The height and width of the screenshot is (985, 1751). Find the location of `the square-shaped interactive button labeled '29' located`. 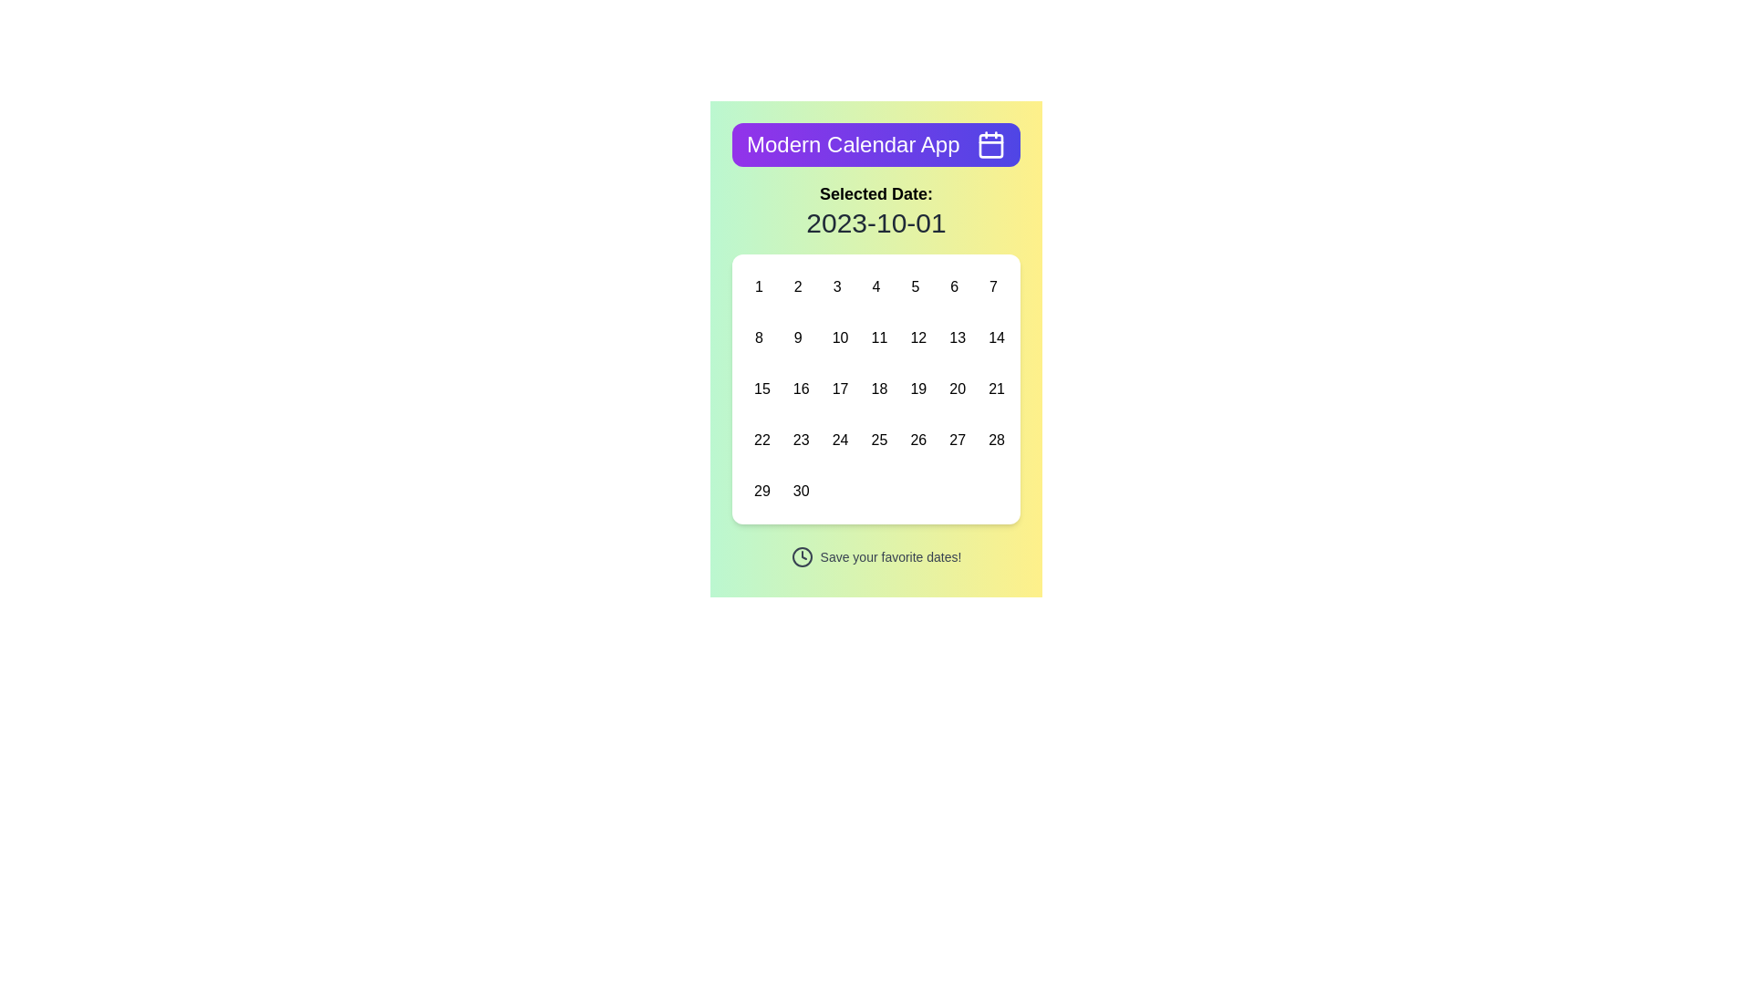

the square-shaped interactive button labeled '29' located is located at coordinates (759, 491).